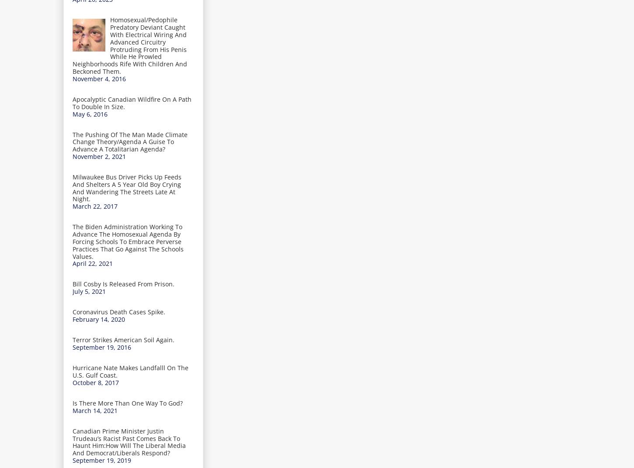  I want to click on 'March 14, 2021', so click(94, 409).